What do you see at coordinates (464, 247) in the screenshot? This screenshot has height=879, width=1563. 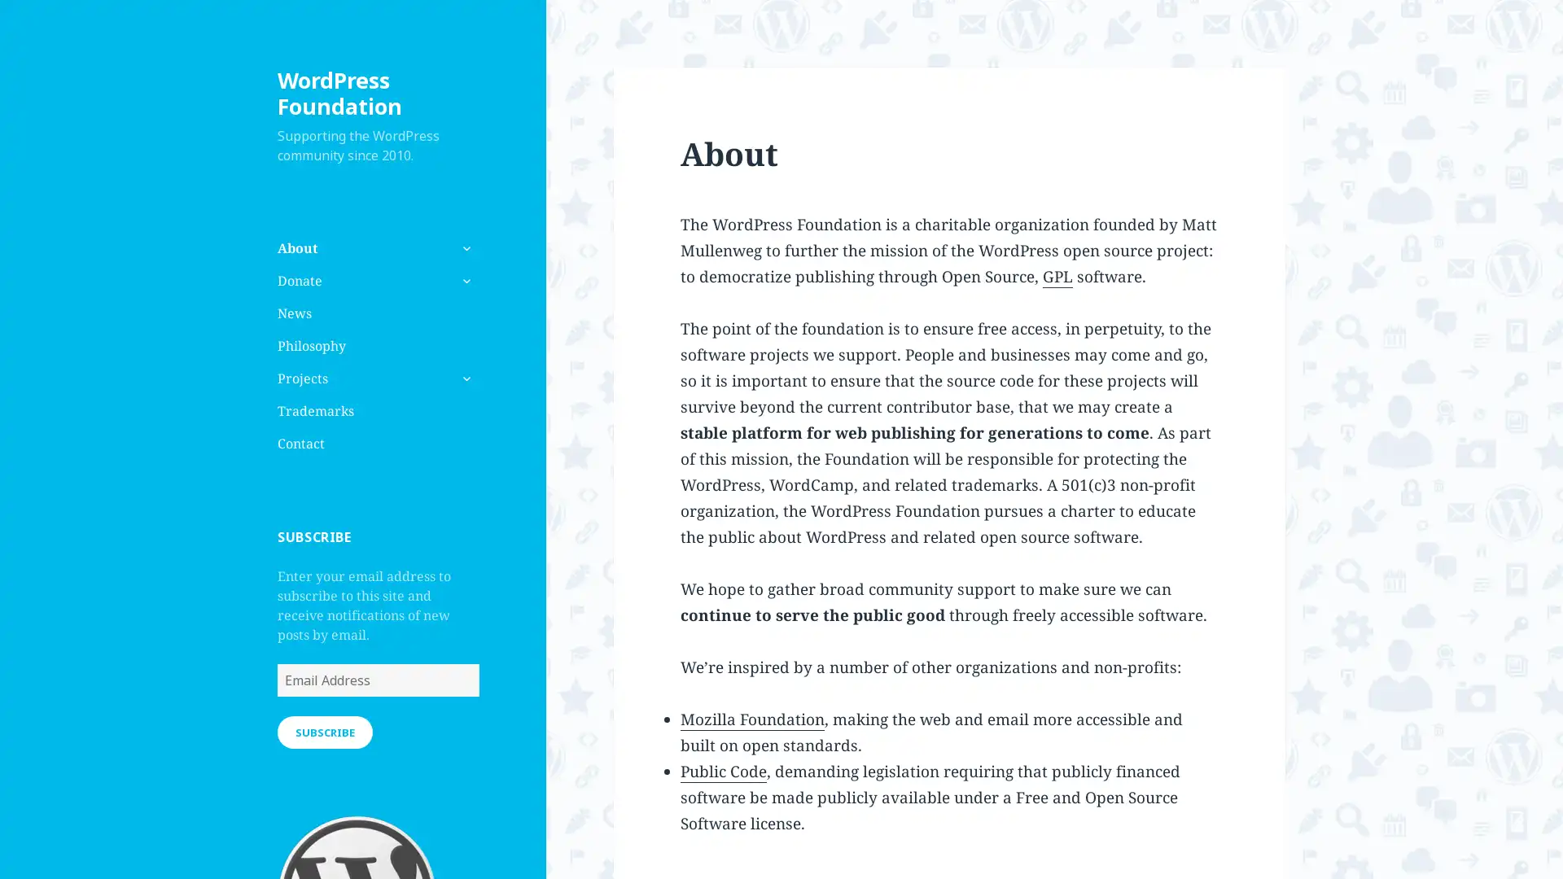 I see `expand child menu` at bounding box center [464, 247].